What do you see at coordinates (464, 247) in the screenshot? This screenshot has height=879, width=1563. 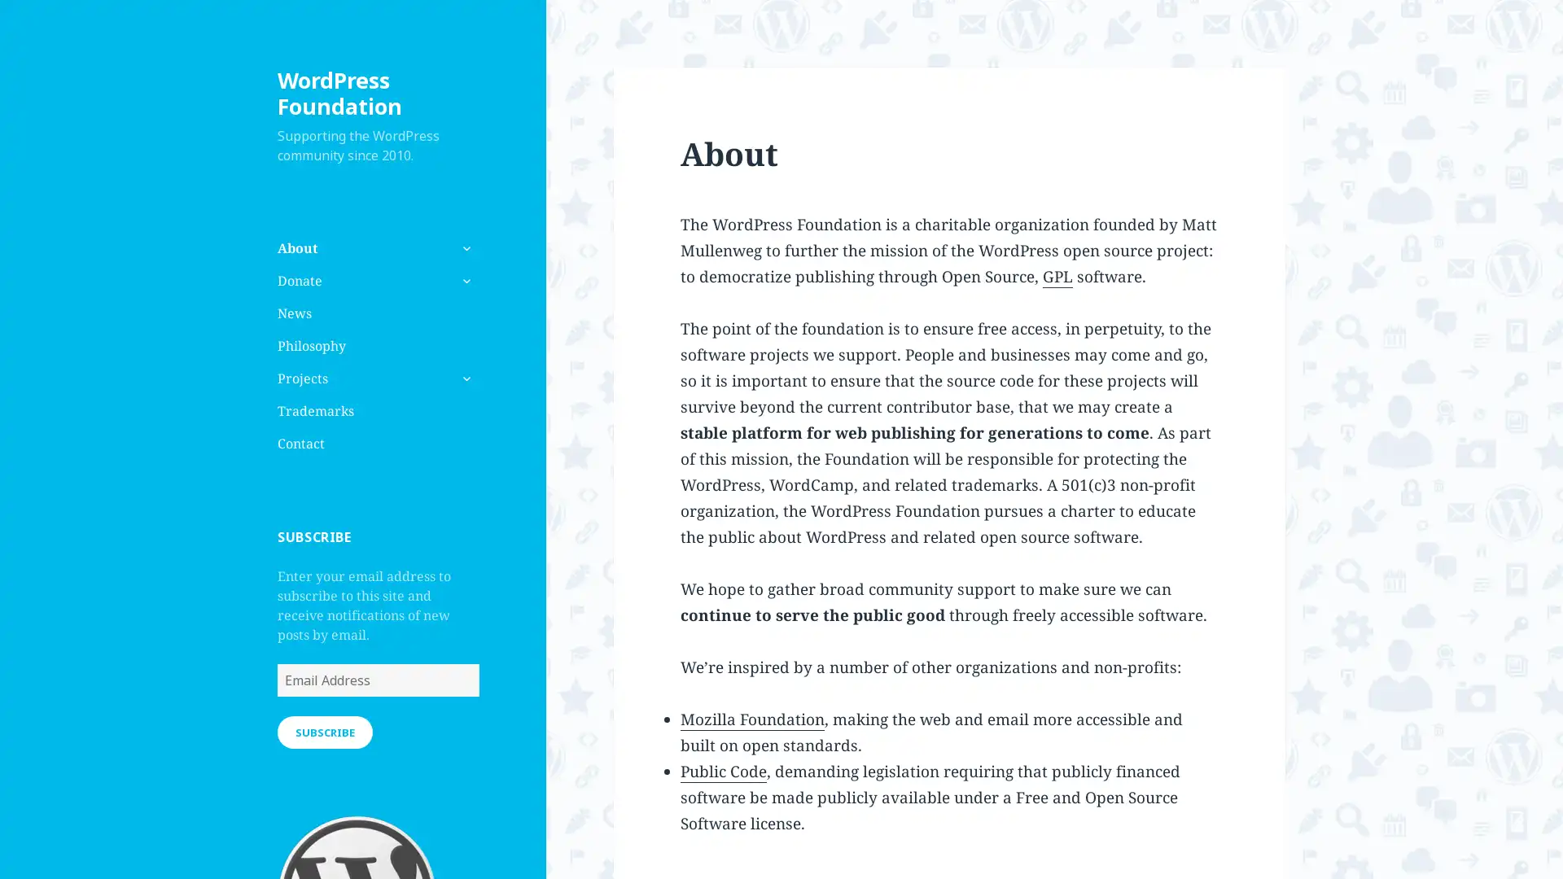 I see `expand child menu` at bounding box center [464, 247].